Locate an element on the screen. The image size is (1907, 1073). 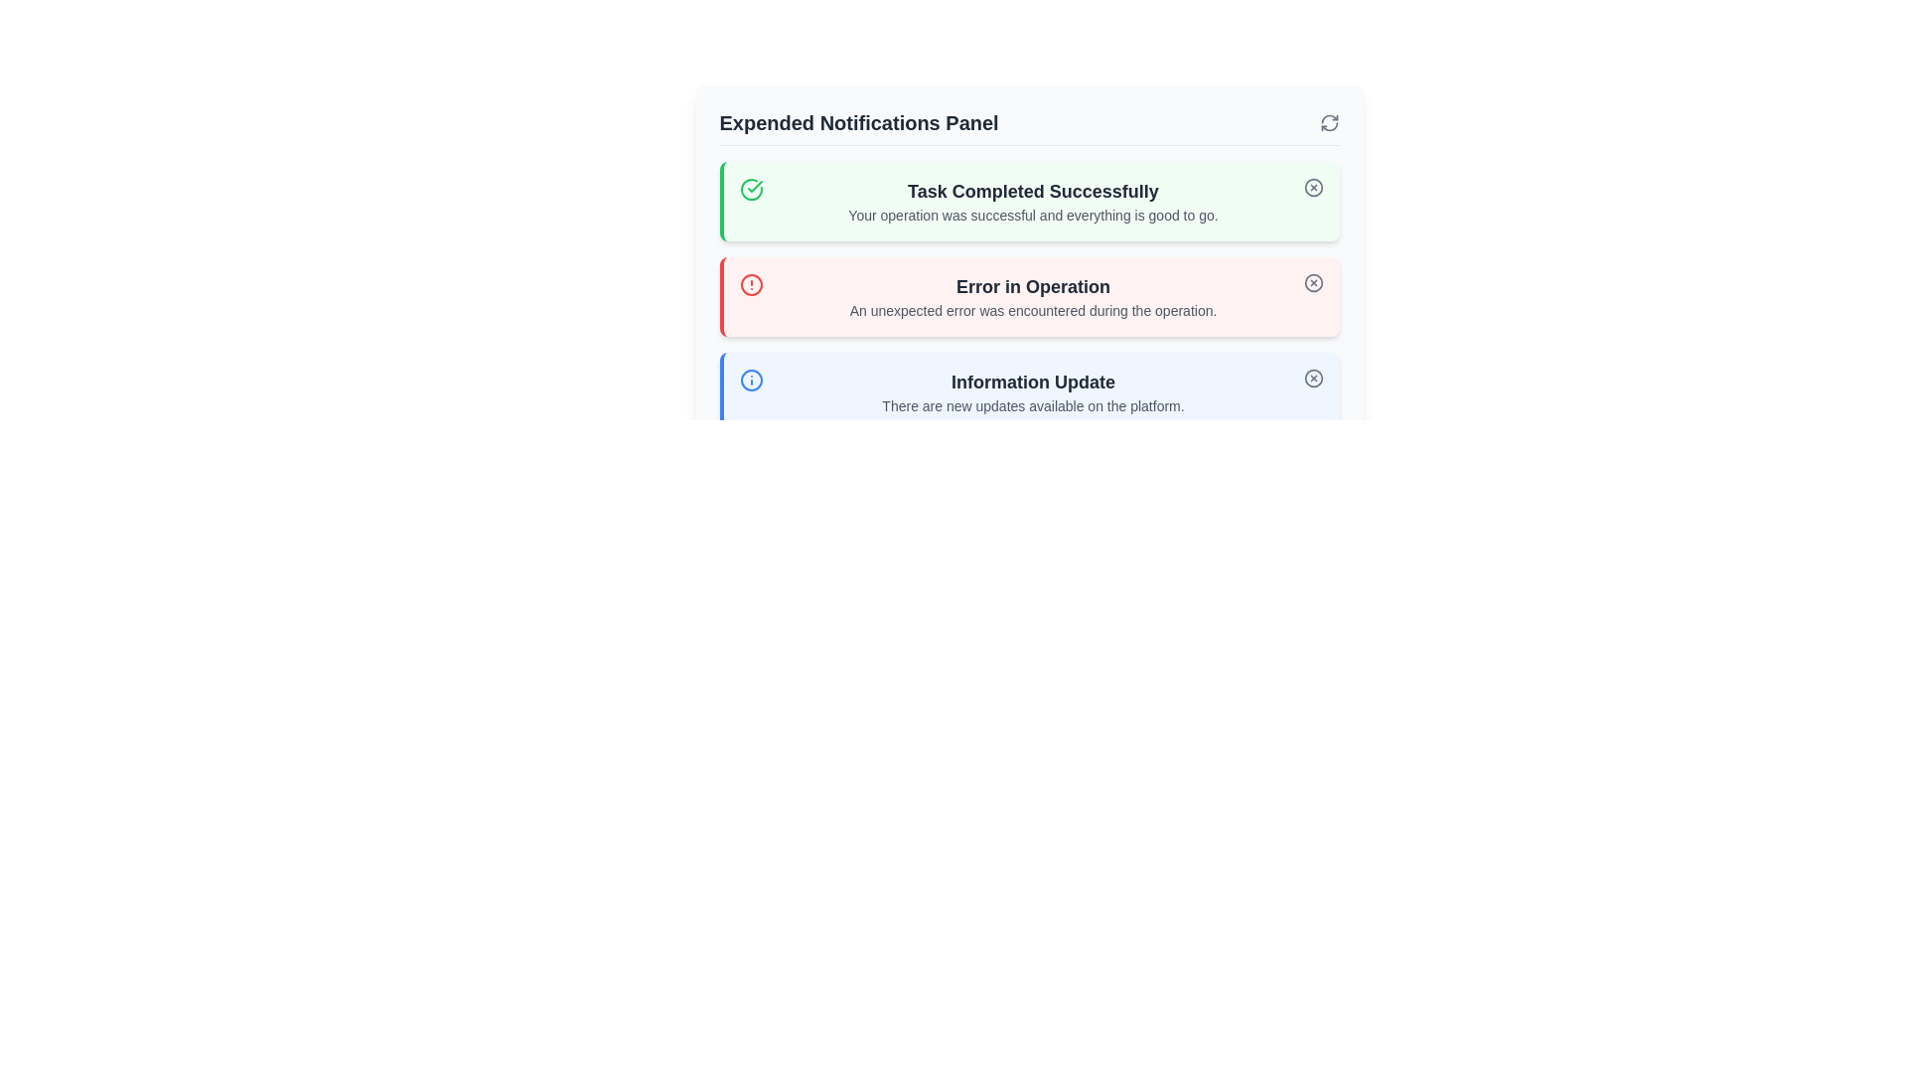
the circular icon next to the 'Information Update' label in the notification panel is located at coordinates (1313, 379).